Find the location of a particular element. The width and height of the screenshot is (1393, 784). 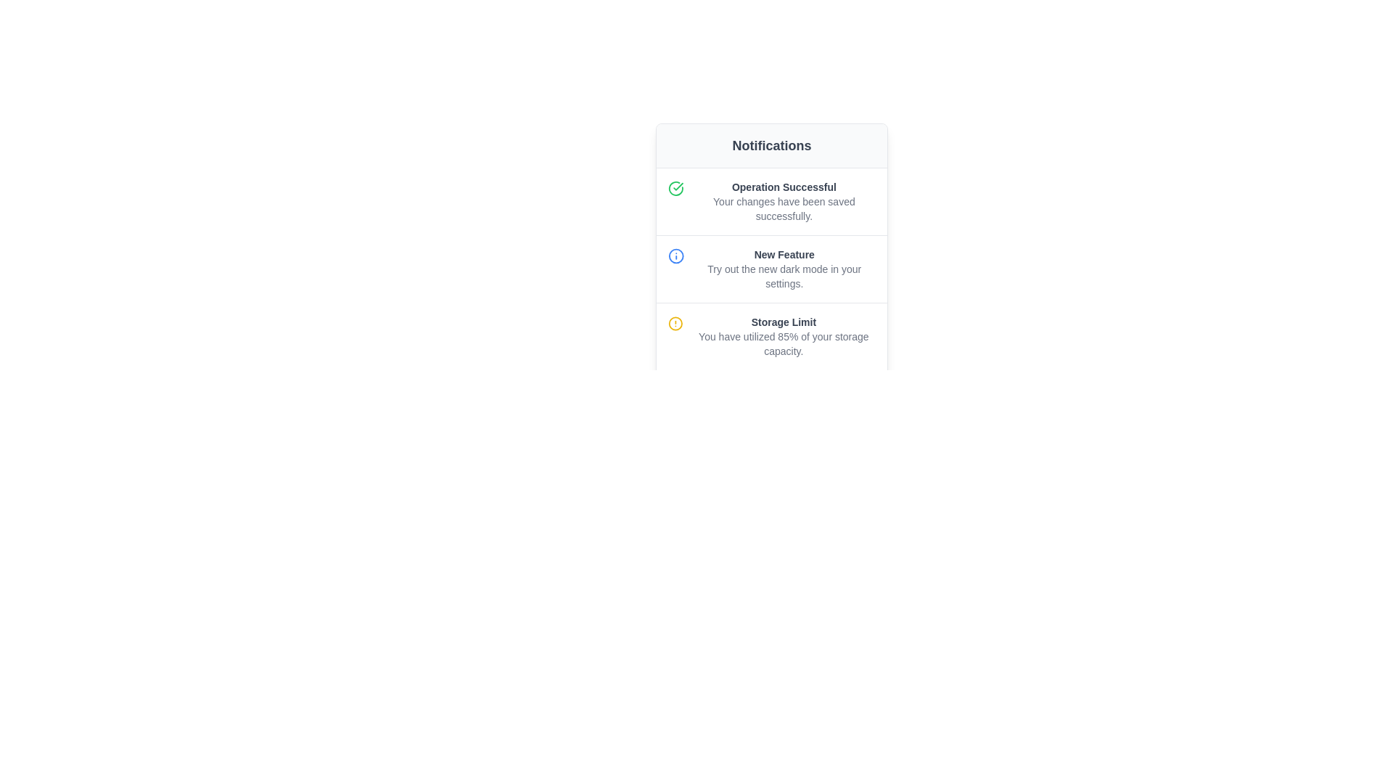

supplementary information text regarding the 'New Feature' notification about the new dark mode feature, which is located below the title 'New Feature' in the middle notification item is located at coordinates (784, 277).